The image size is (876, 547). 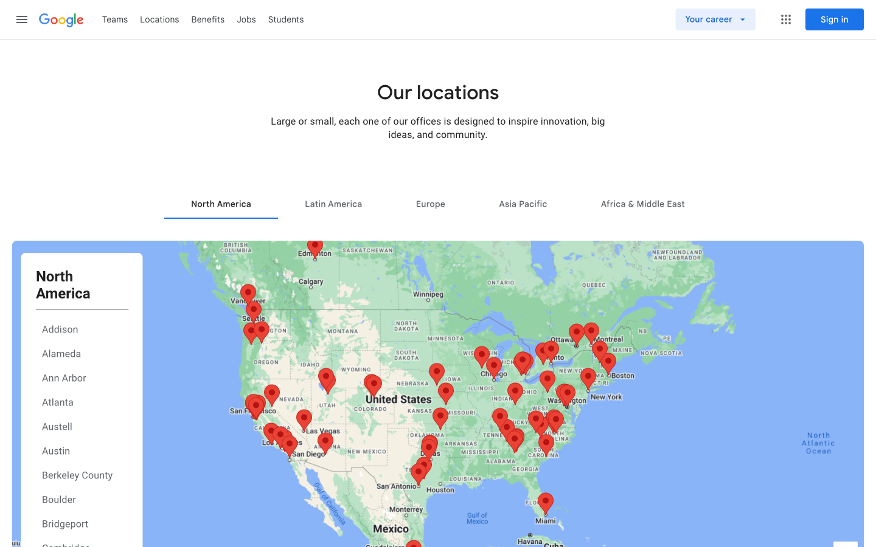 What do you see at coordinates (522, 203) in the screenshot?
I see `the regional setting` at bounding box center [522, 203].